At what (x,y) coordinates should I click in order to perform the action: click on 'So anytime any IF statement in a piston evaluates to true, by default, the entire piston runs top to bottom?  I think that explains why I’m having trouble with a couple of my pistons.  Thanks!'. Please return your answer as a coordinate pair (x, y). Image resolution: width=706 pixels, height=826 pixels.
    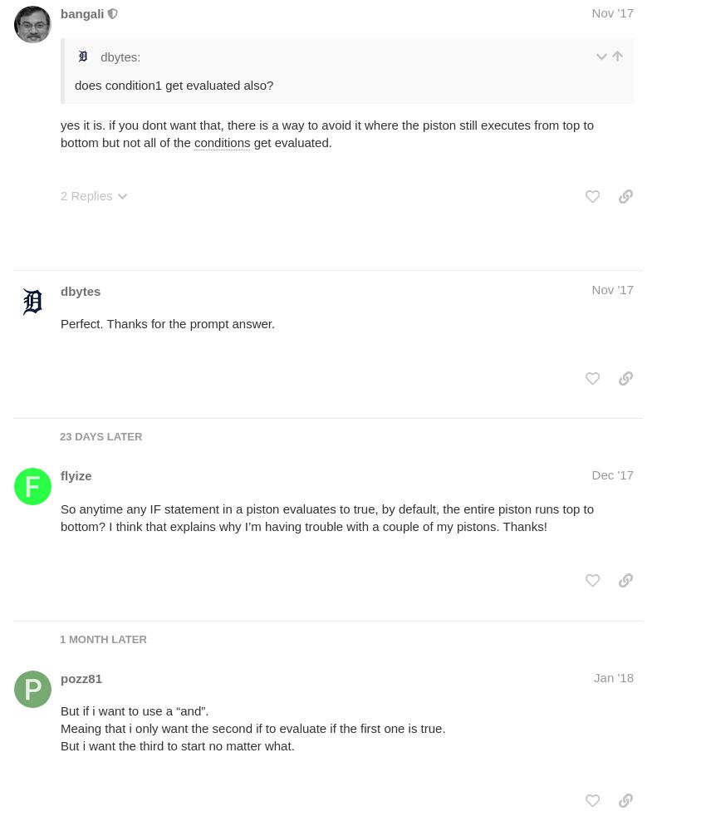
    Looking at the image, I should click on (326, 516).